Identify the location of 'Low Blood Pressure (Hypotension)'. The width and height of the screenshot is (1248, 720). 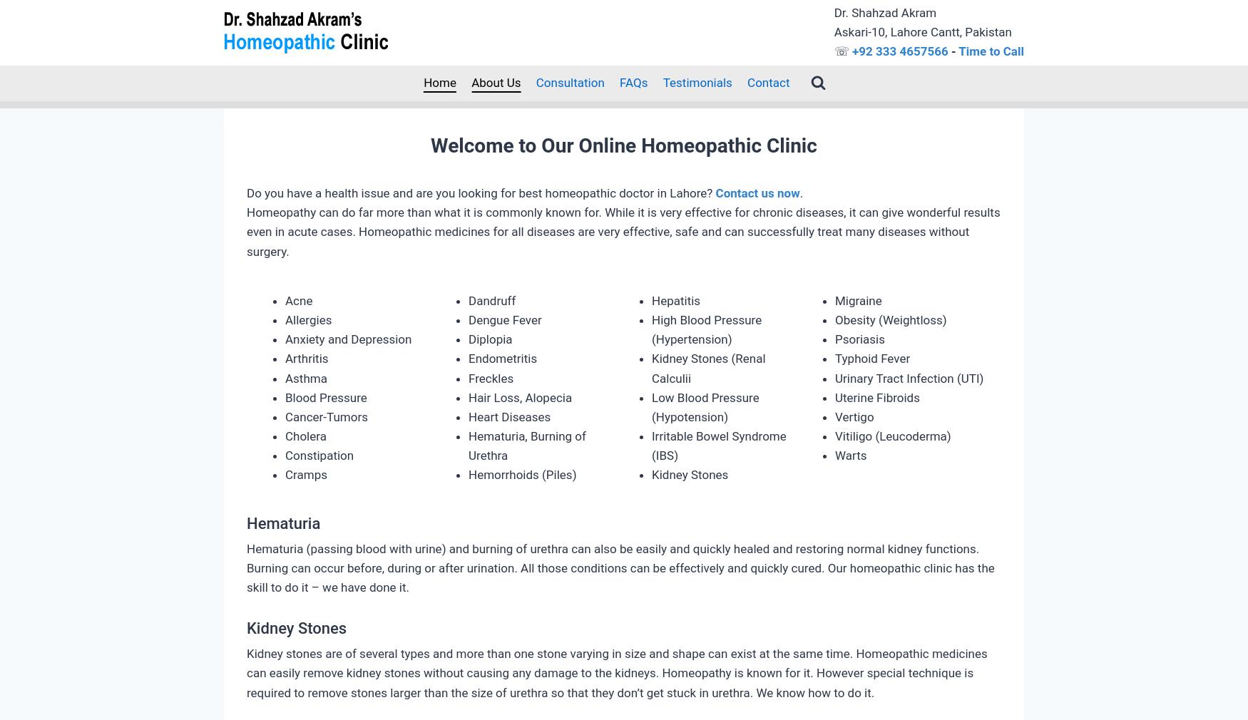
(705, 406).